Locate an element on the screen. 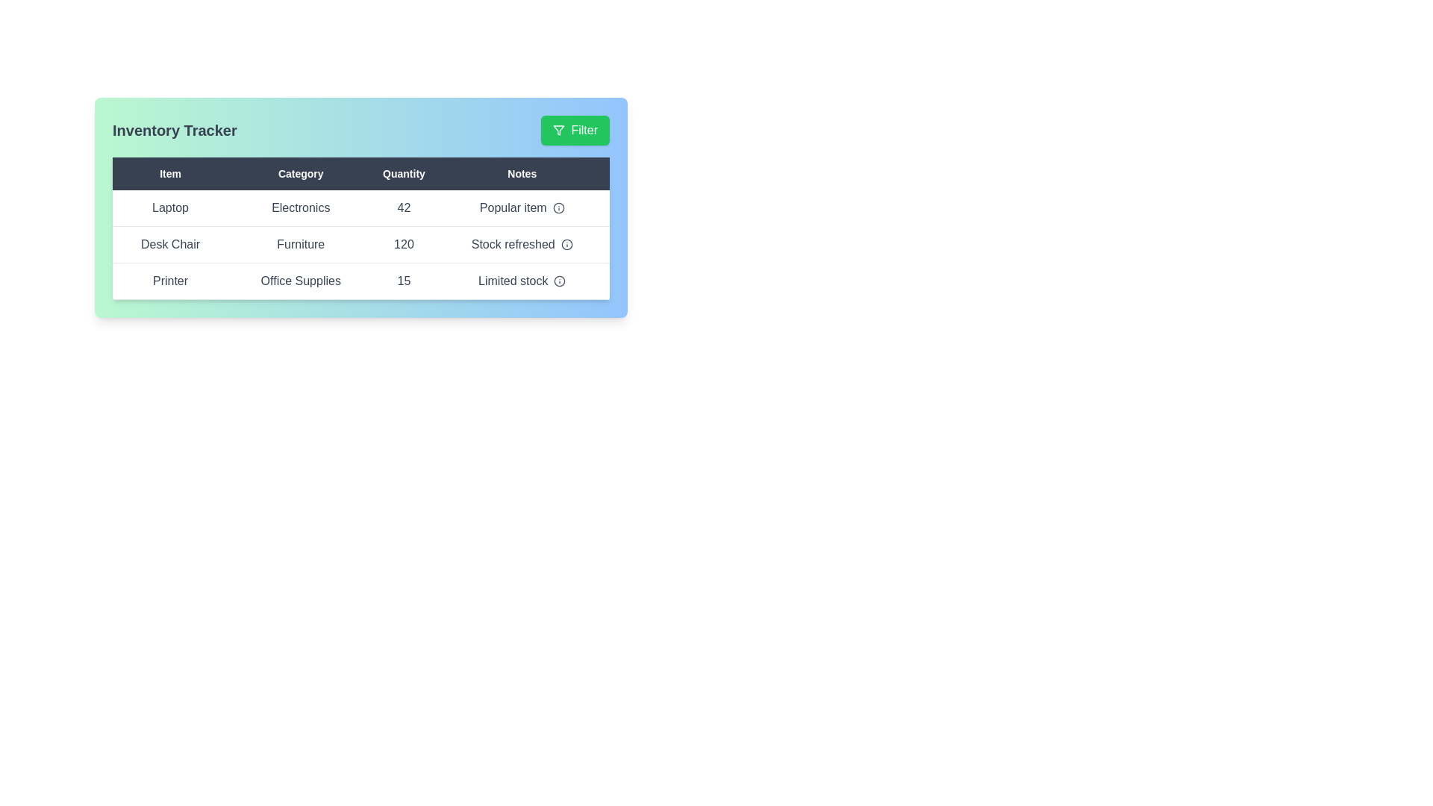  the info icon in the 'Notes' column for the Printer row is located at coordinates (559, 281).